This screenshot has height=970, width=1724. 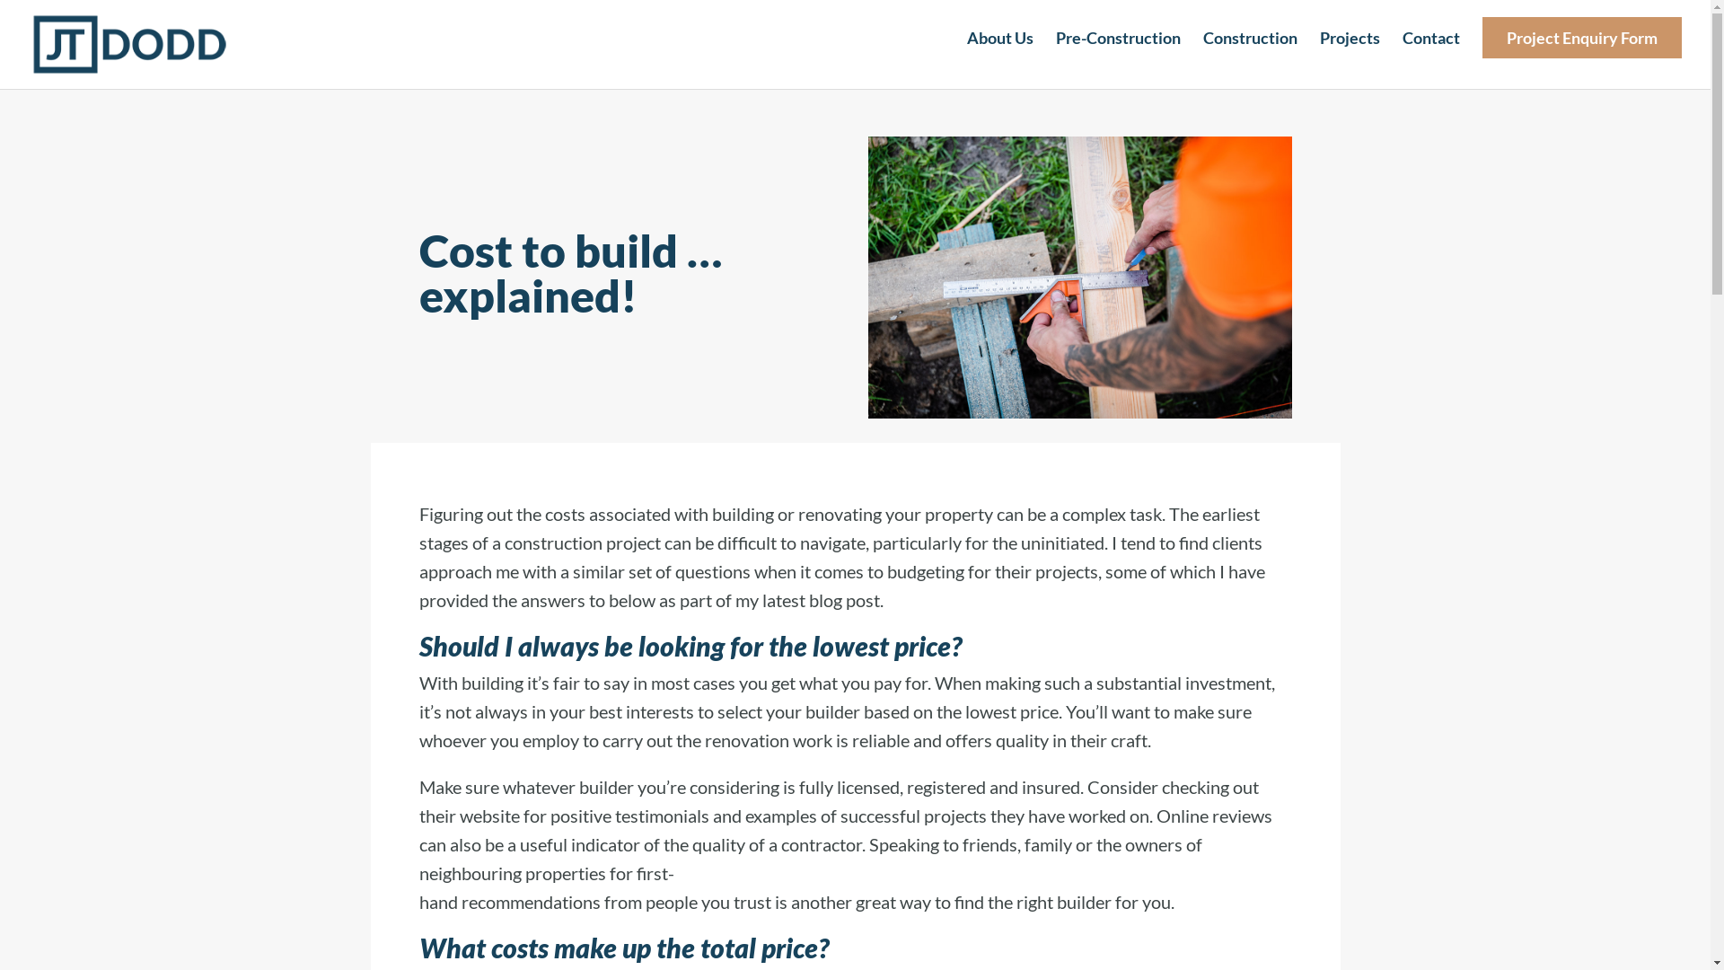 I want to click on 'Pre-Construction', so click(x=1117, y=52).